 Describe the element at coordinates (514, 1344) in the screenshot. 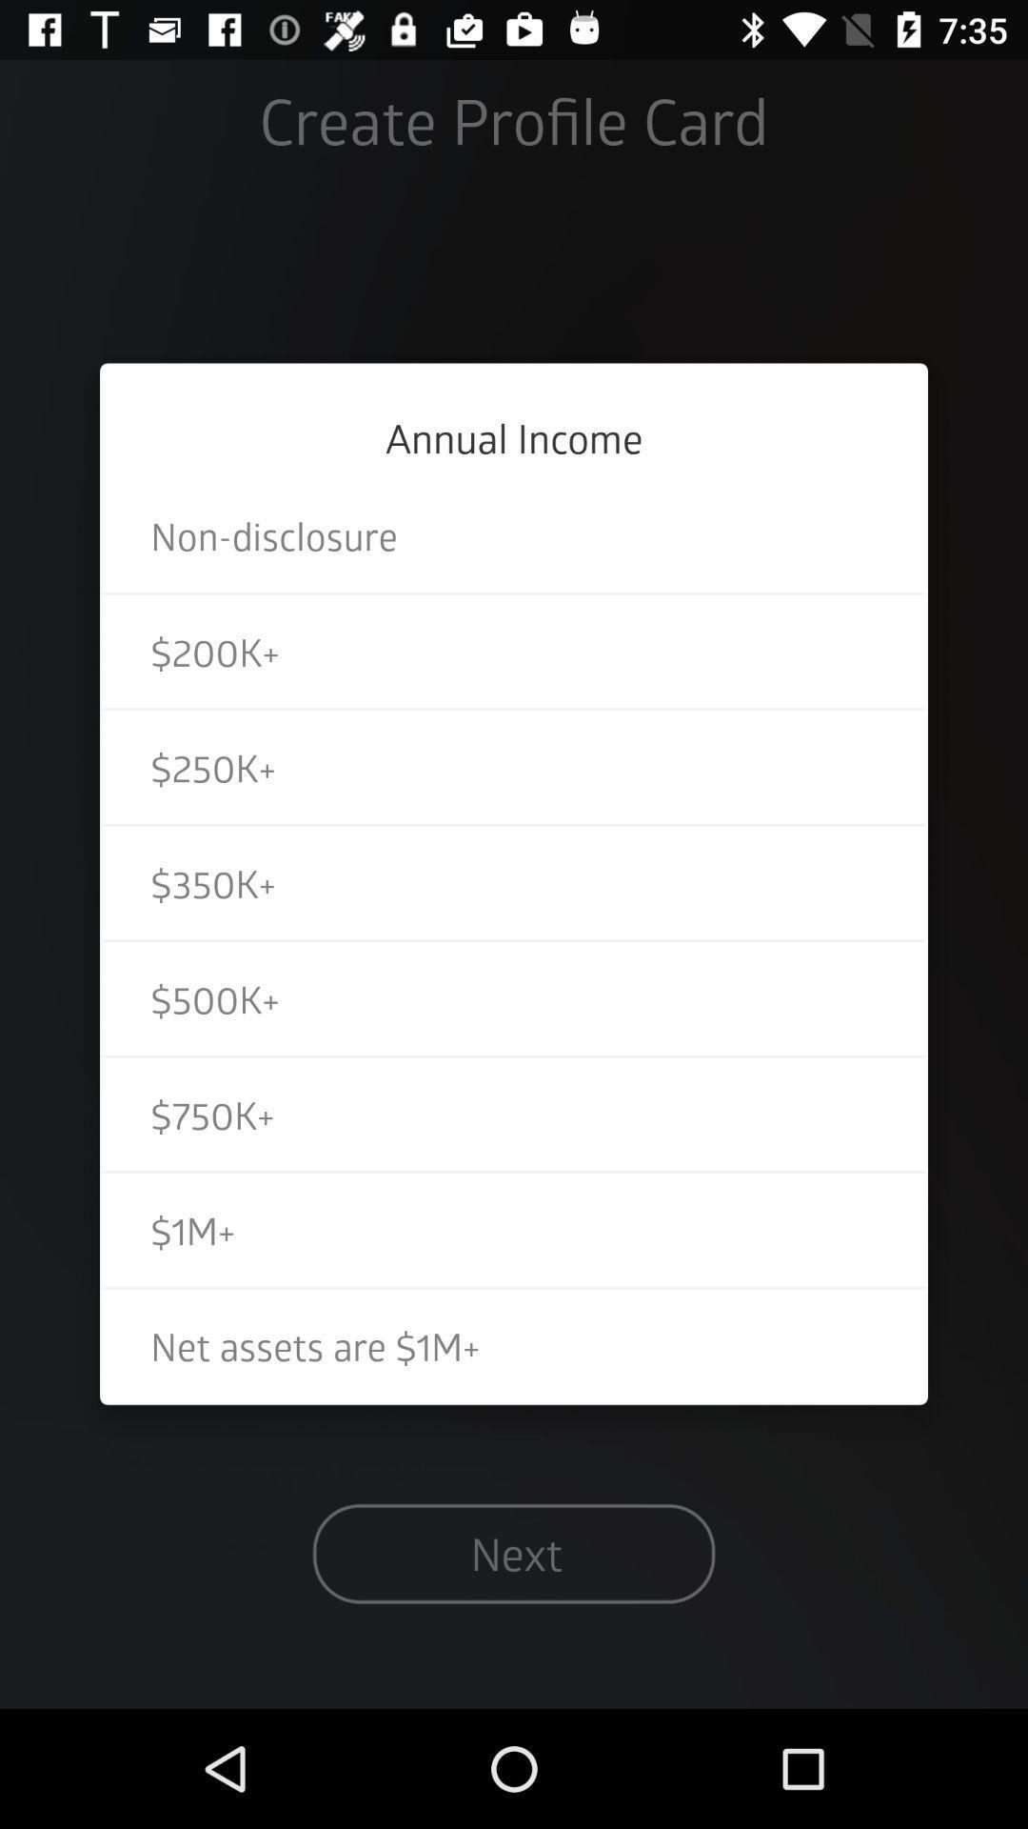

I see `icon below the $1m+ item` at that location.